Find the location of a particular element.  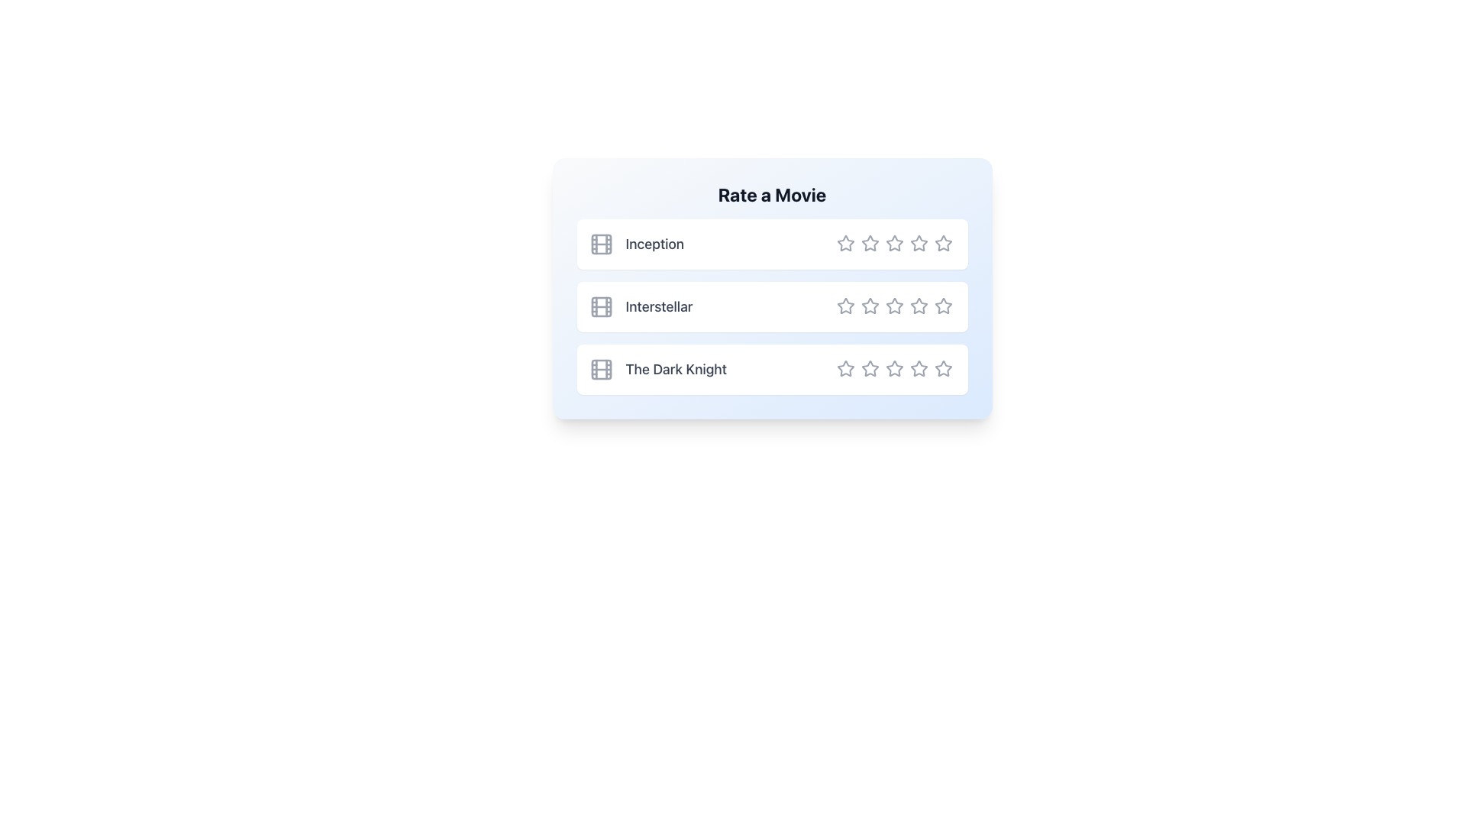

the fifth star icon to rate the movie 'The Dark Knight' is located at coordinates (942, 368).